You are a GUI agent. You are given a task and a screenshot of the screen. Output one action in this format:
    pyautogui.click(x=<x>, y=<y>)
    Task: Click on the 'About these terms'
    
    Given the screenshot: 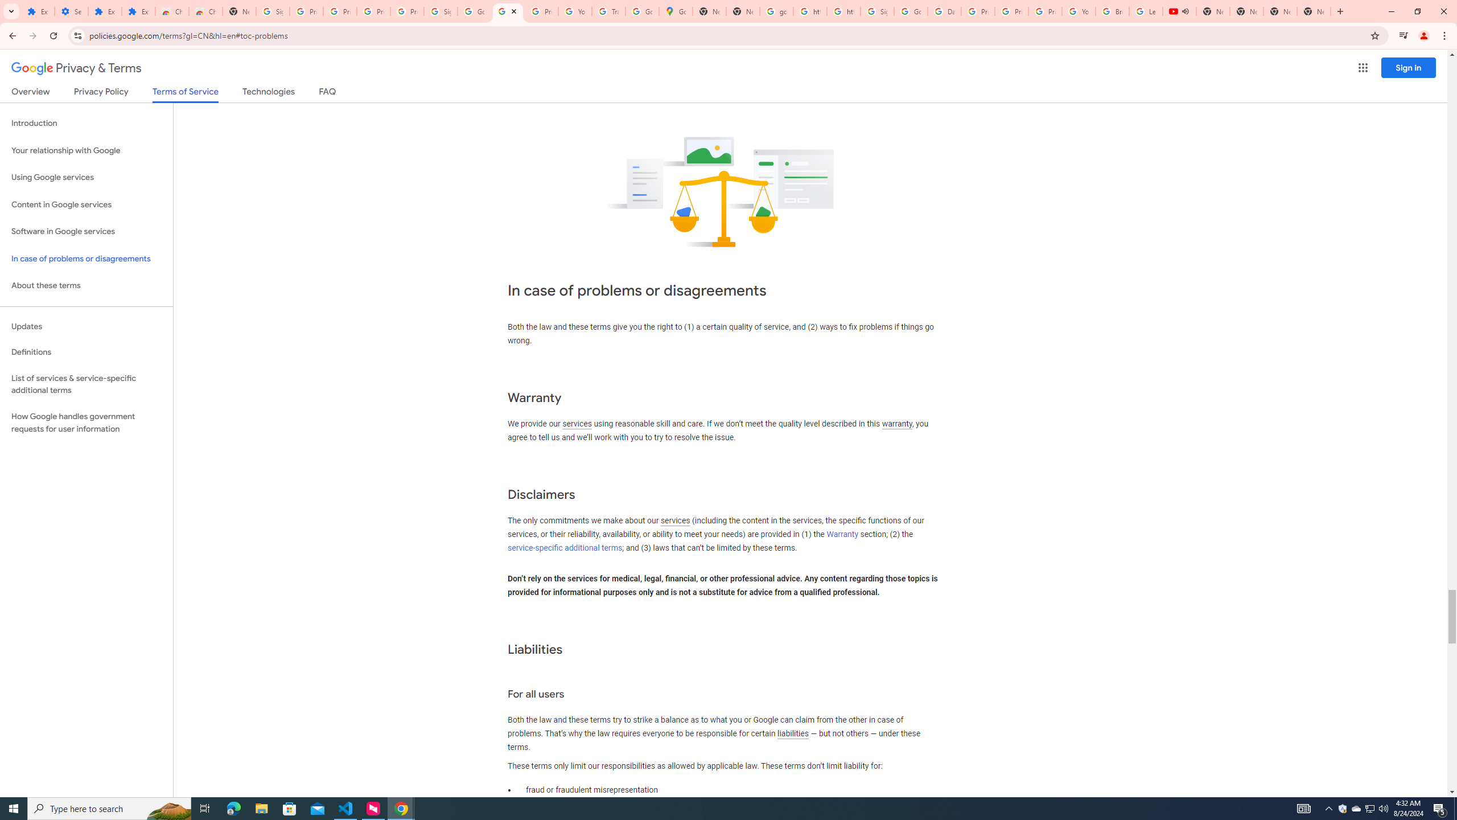 What is the action you would take?
    pyautogui.click(x=86, y=285)
    